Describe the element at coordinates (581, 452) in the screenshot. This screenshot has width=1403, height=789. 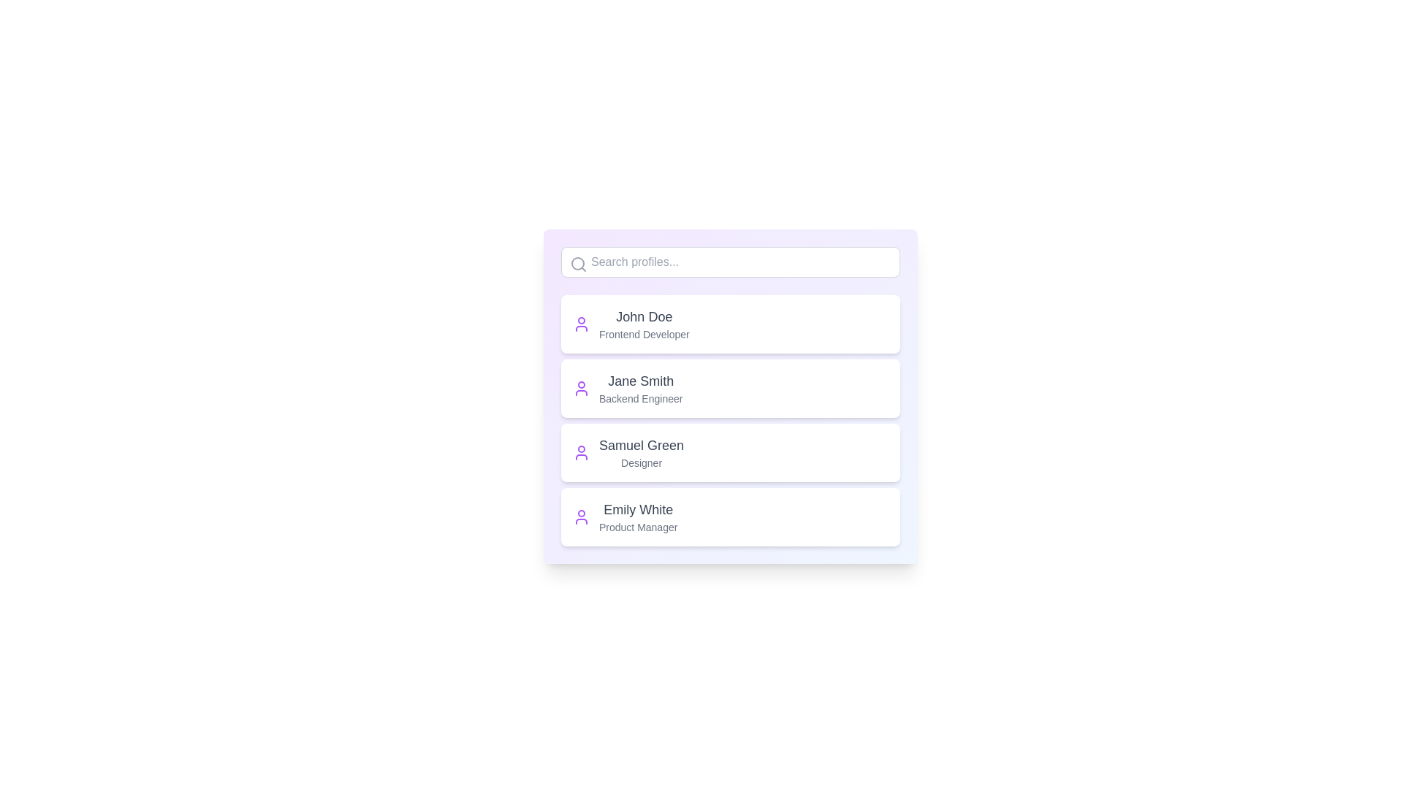
I see `the user profile picture icon representing 'Samuel Green', located in the third visible list item of user profiles` at that location.